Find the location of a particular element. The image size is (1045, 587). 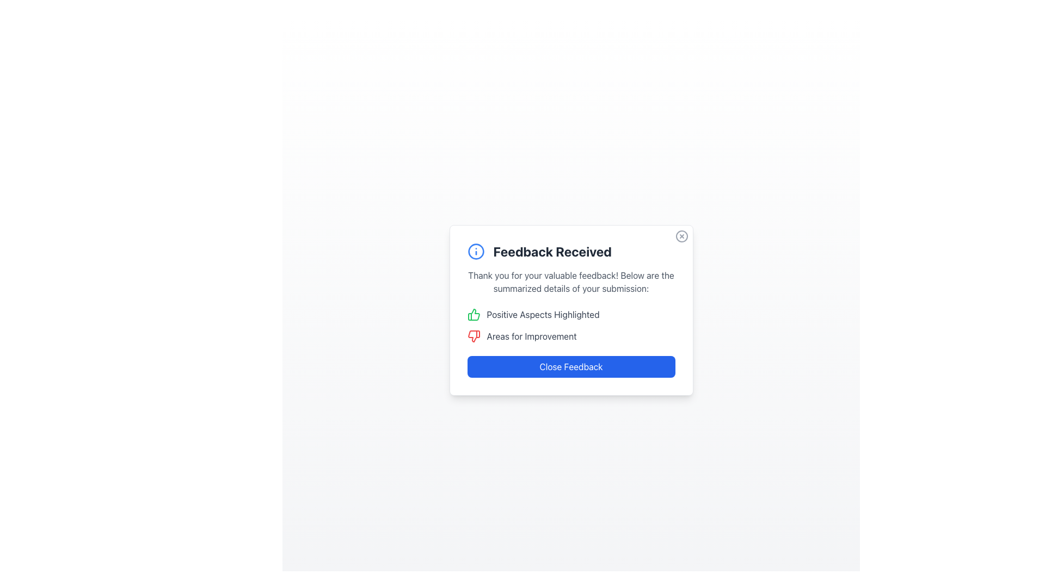

the circular close button with an 'X' shape located is located at coordinates (681, 236).